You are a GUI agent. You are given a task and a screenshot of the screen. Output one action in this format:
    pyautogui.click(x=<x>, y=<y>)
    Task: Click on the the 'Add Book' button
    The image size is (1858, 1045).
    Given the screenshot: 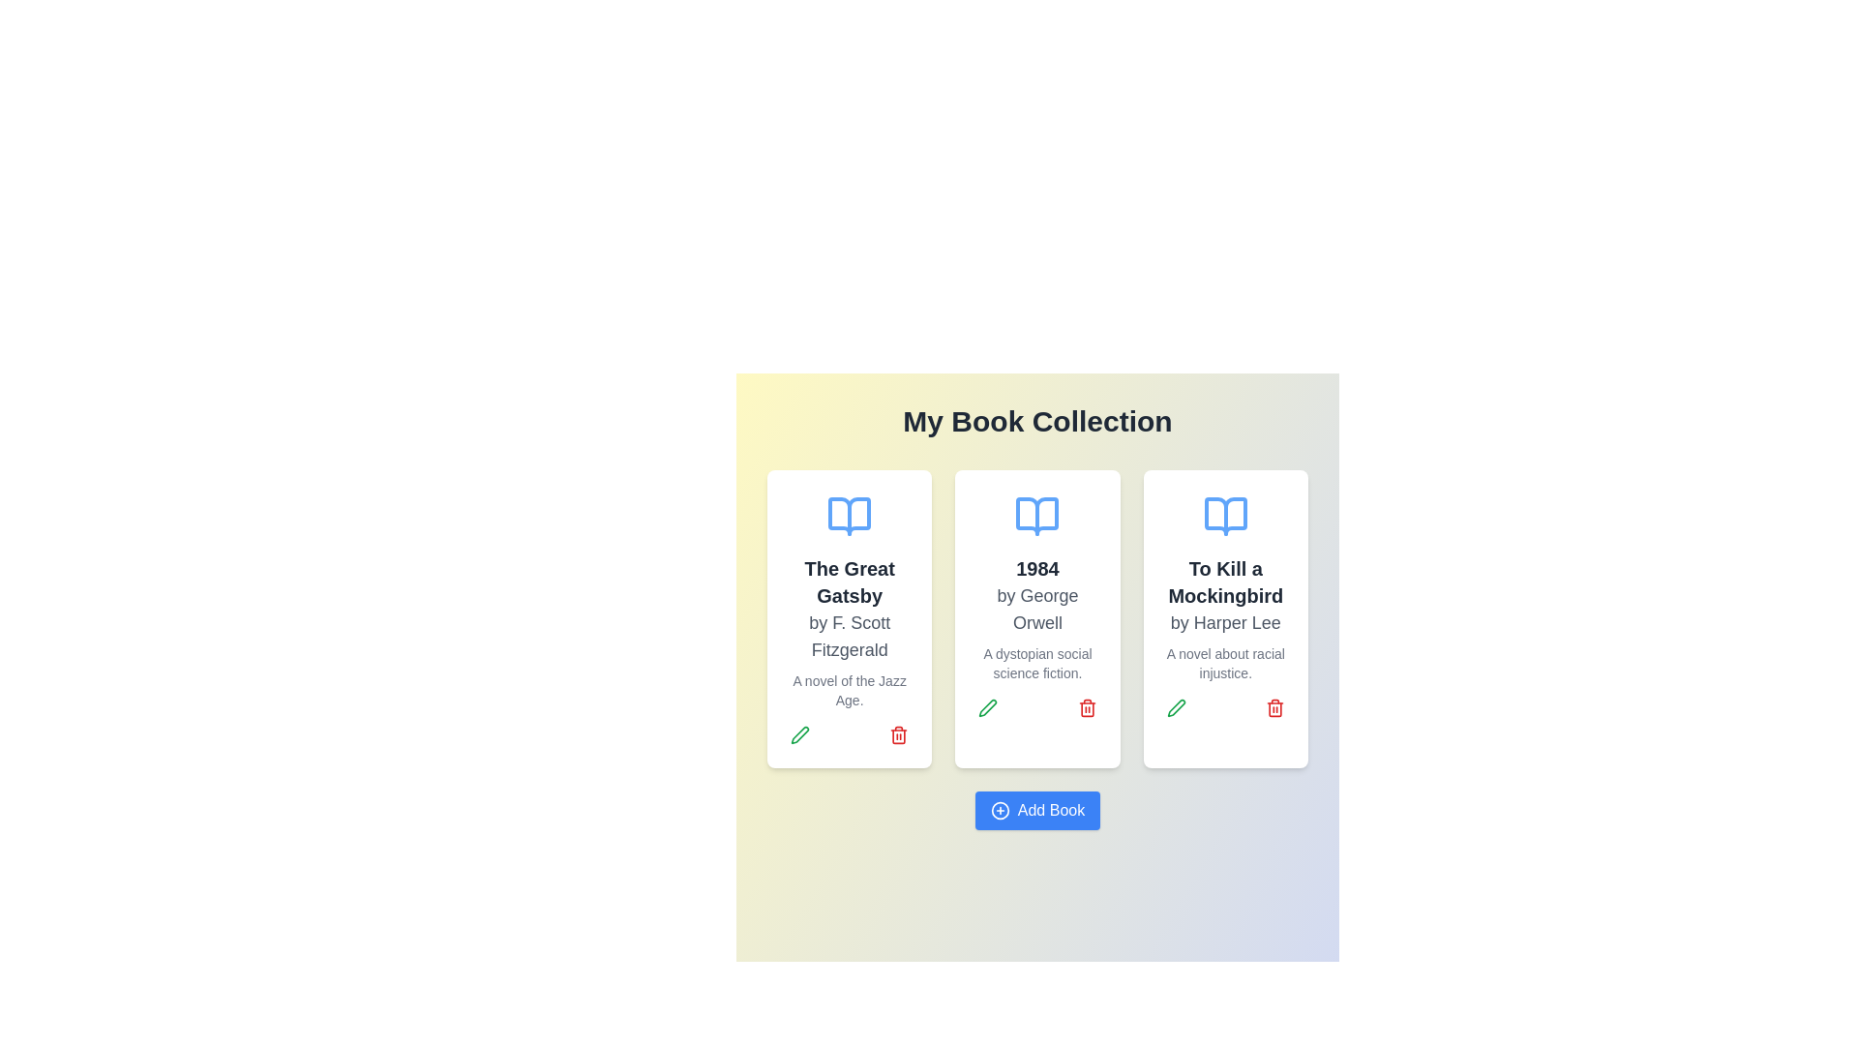 What is the action you would take?
    pyautogui.click(x=1036, y=810)
    